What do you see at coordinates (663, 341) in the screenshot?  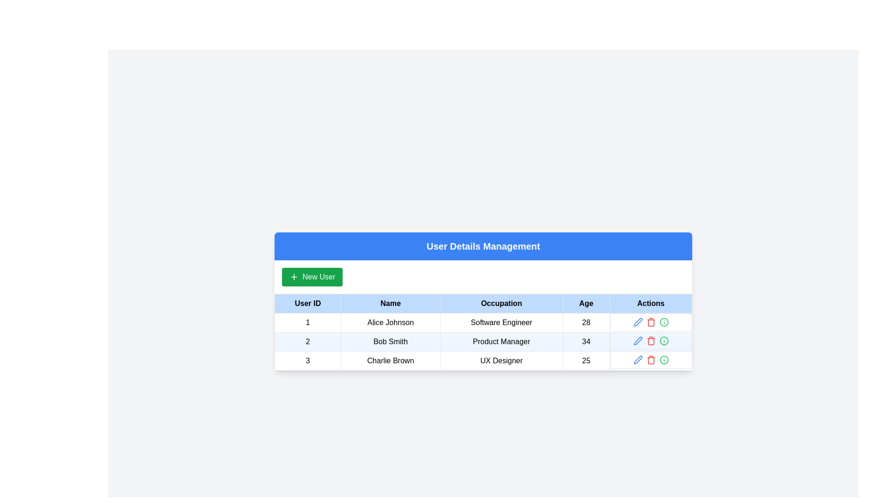 I see `the green-outlined circular tooltip icon located in the 'Actions' column for the 'Product Manager' row to initiate additional interaction` at bounding box center [663, 341].